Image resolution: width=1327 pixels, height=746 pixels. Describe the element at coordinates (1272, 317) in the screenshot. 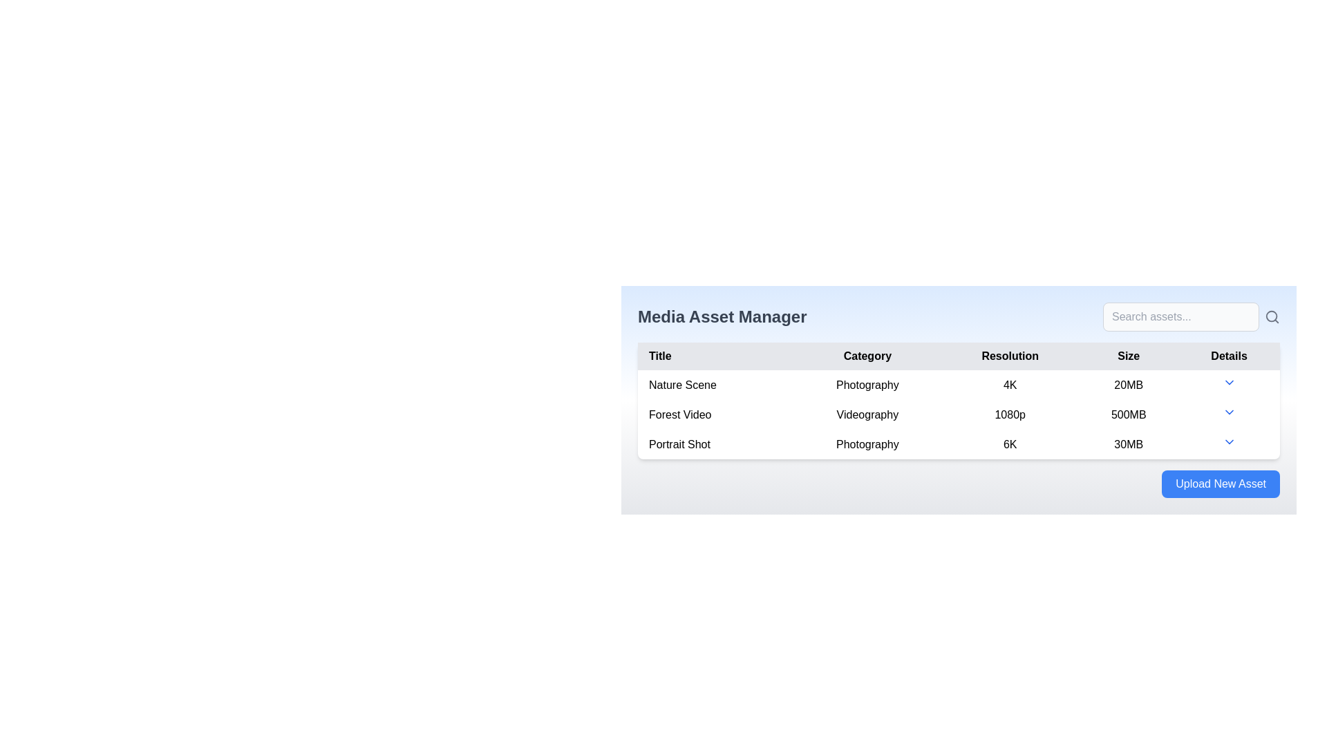

I see `the search icon located at the far right edge of the search bar` at that location.